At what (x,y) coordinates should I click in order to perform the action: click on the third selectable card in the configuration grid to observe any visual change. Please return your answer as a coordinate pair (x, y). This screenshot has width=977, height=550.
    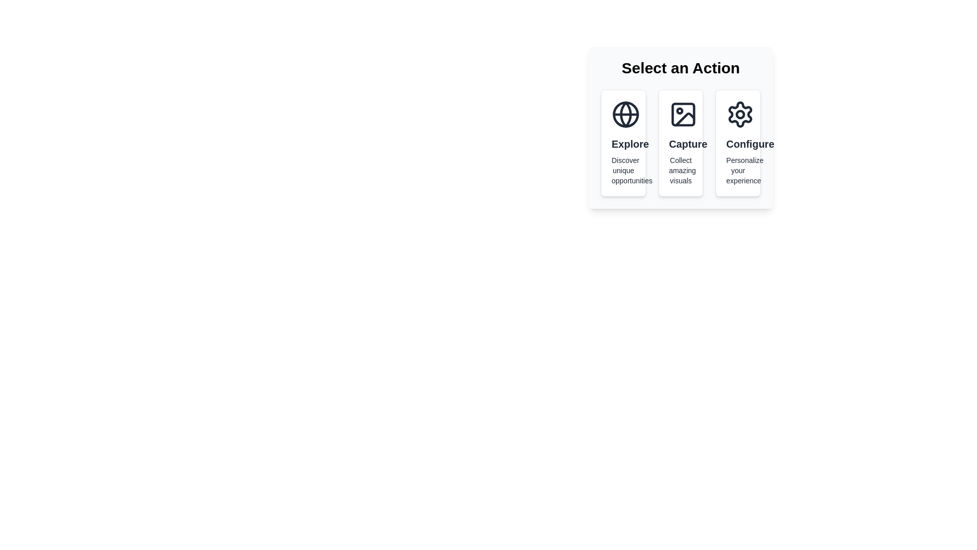
    Looking at the image, I should click on (738, 143).